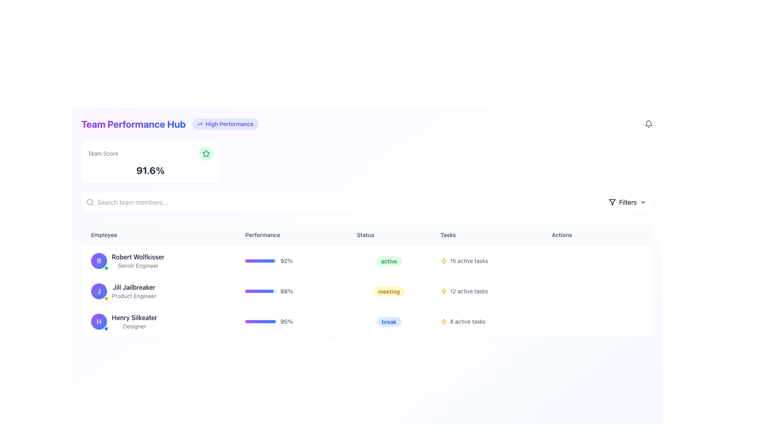  What do you see at coordinates (366, 291) in the screenshot?
I see `the second table row element in the team performance monitoring table, which displays structured data related to an individual's performance and task status` at bounding box center [366, 291].